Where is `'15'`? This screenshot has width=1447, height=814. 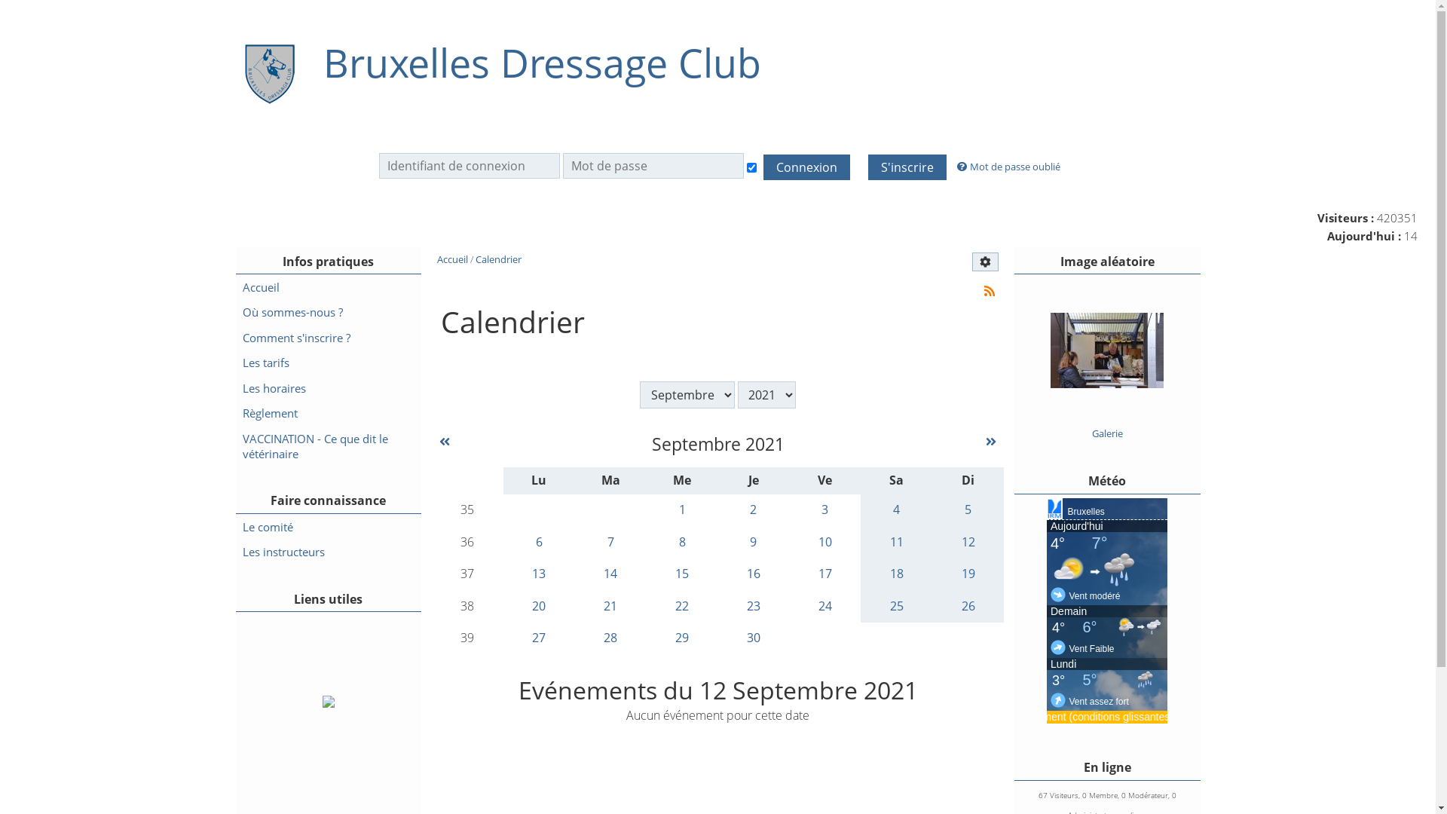 '15' is located at coordinates (681, 574).